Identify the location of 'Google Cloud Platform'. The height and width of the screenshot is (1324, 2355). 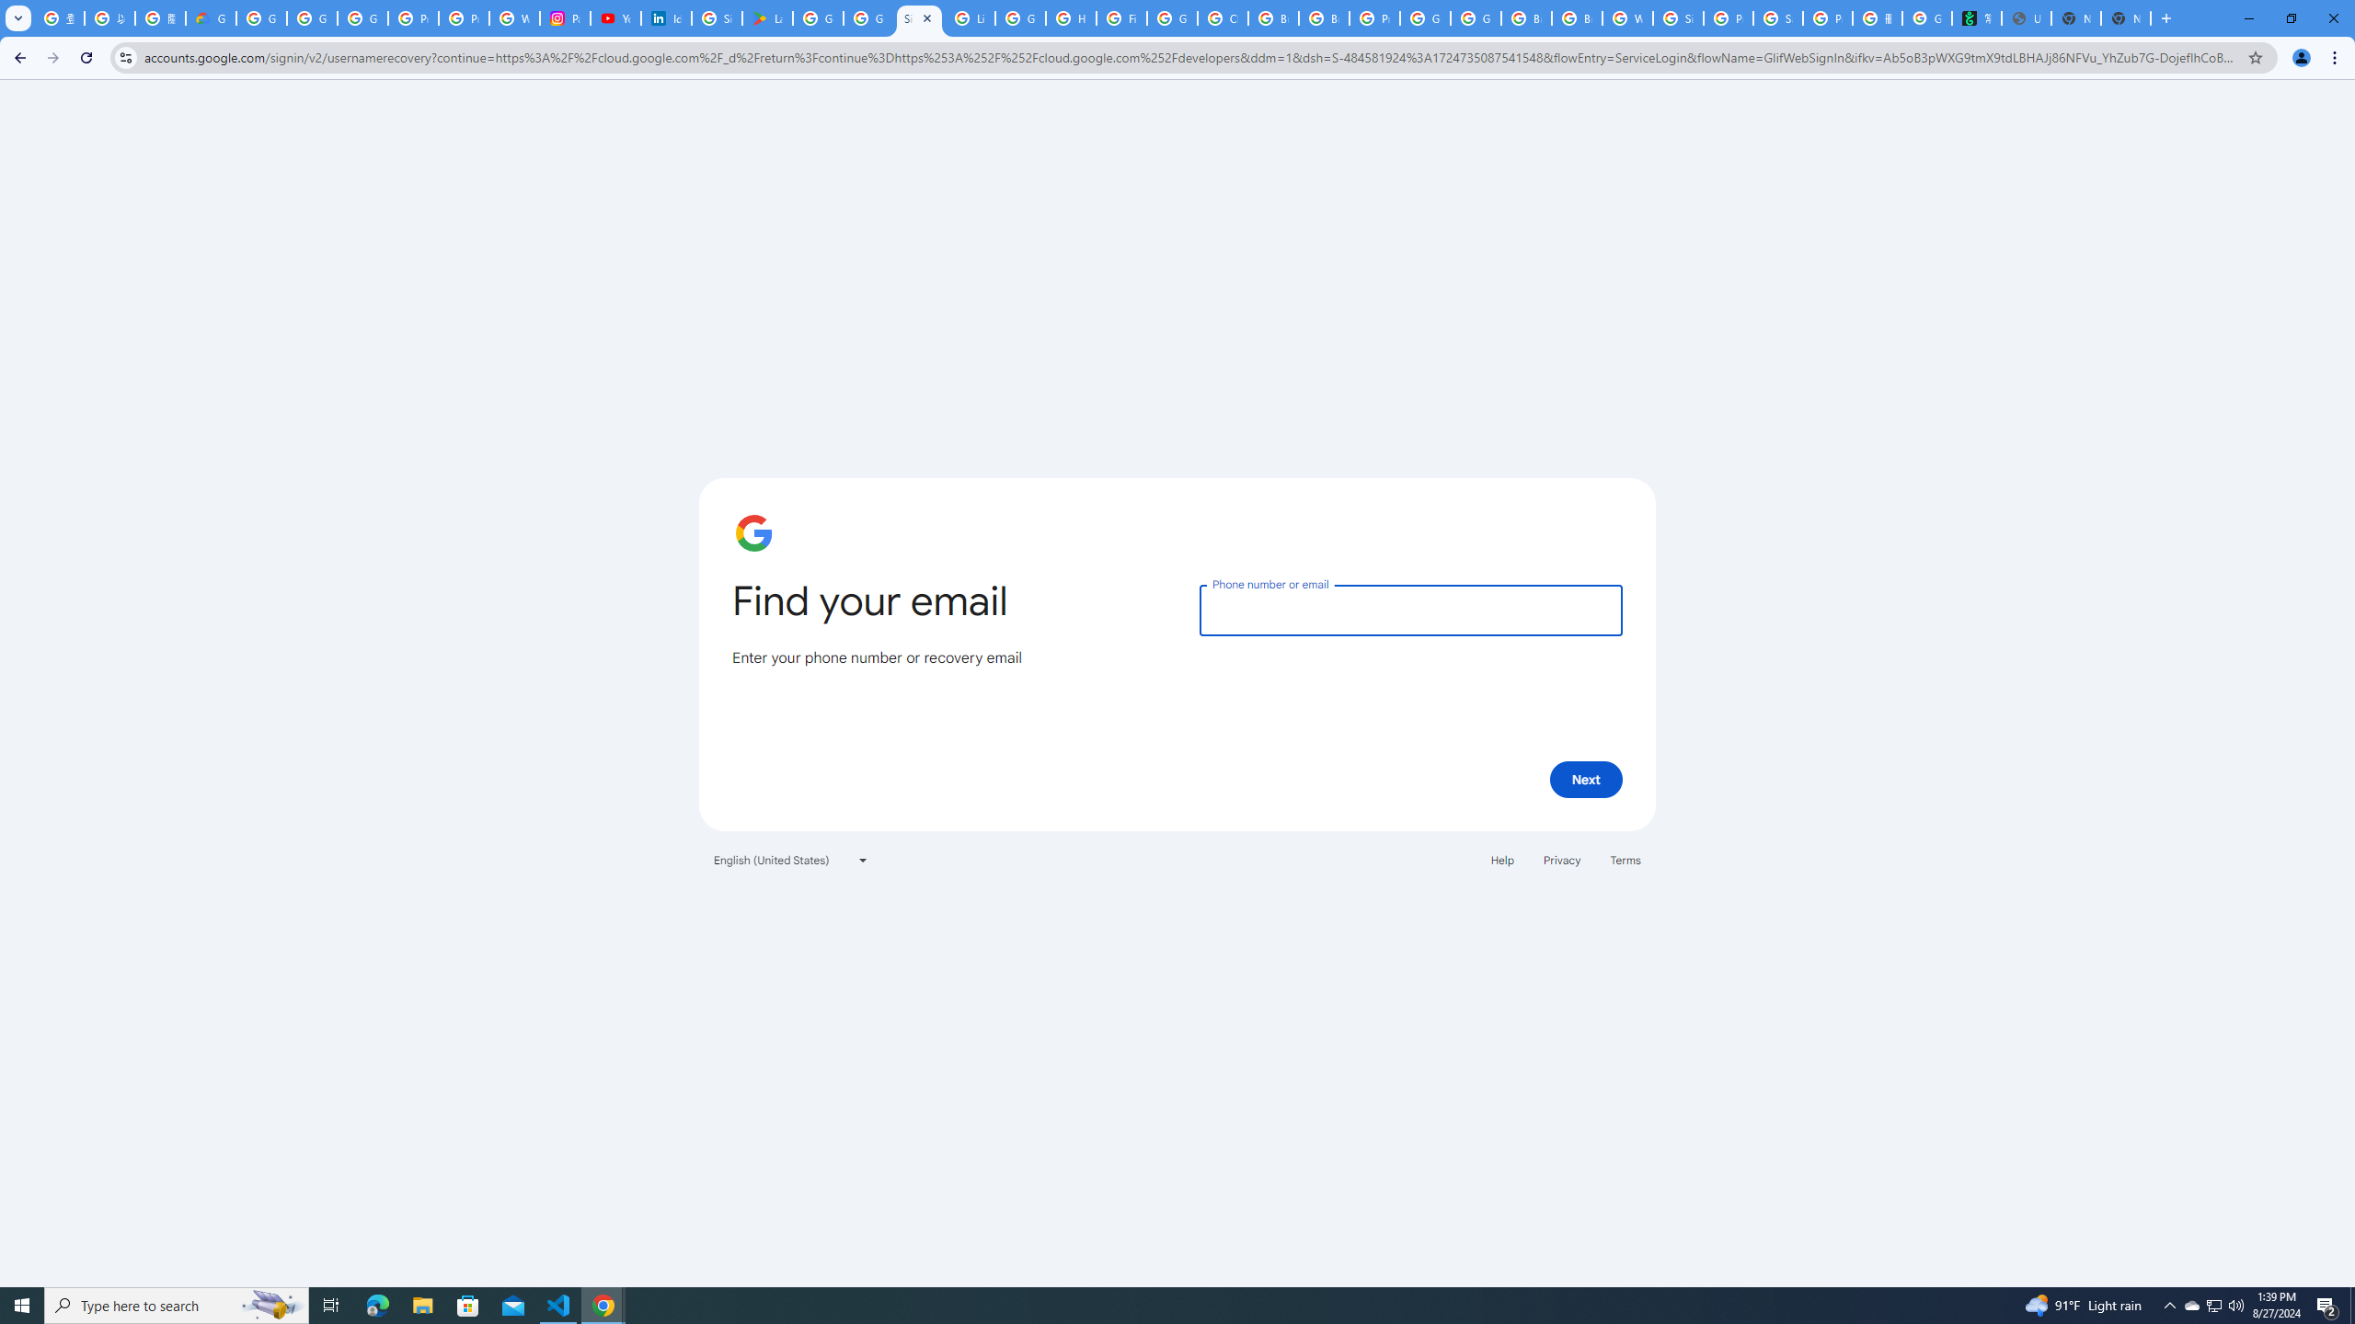
(1425, 17).